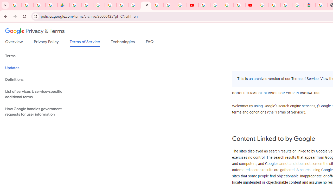 The width and height of the screenshot is (333, 187). What do you see at coordinates (310, 5) in the screenshot?
I see `'Atour Hotel - Google hotels'` at bounding box center [310, 5].